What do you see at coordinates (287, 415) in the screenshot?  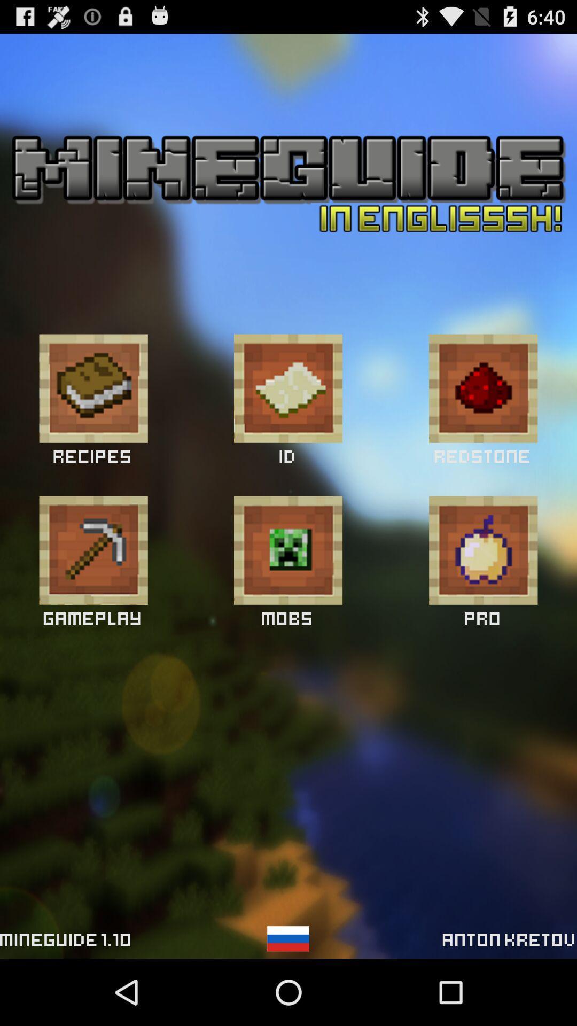 I see `the email icon` at bounding box center [287, 415].